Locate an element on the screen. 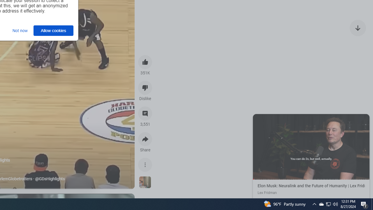 This screenshot has height=210, width=373. 'Dislike this video' is located at coordinates (145, 87).